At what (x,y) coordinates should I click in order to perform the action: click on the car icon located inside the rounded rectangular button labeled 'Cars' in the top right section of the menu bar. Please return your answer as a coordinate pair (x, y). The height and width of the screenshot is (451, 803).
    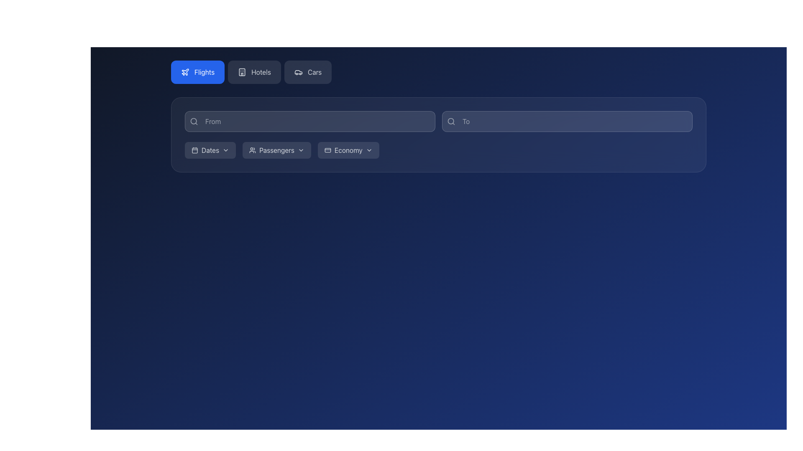
    Looking at the image, I should click on (298, 72).